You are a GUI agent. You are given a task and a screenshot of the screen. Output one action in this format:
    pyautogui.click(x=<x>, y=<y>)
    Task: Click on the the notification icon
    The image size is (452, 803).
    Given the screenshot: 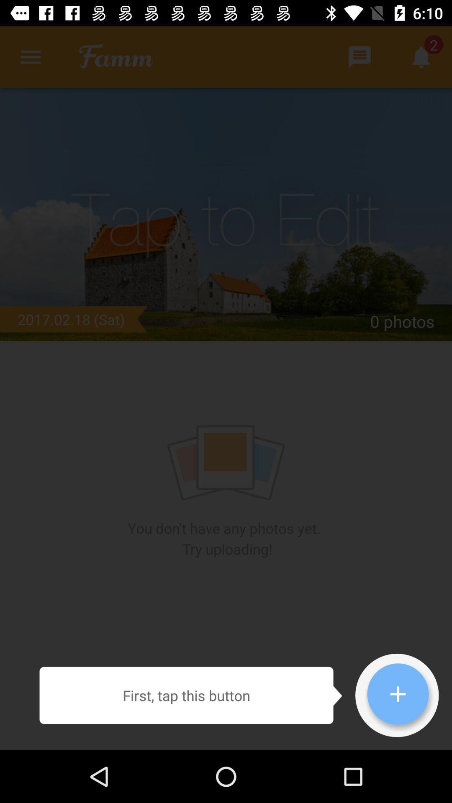 What is the action you would take?
    pyautogui.click(x=421, y=56)
    